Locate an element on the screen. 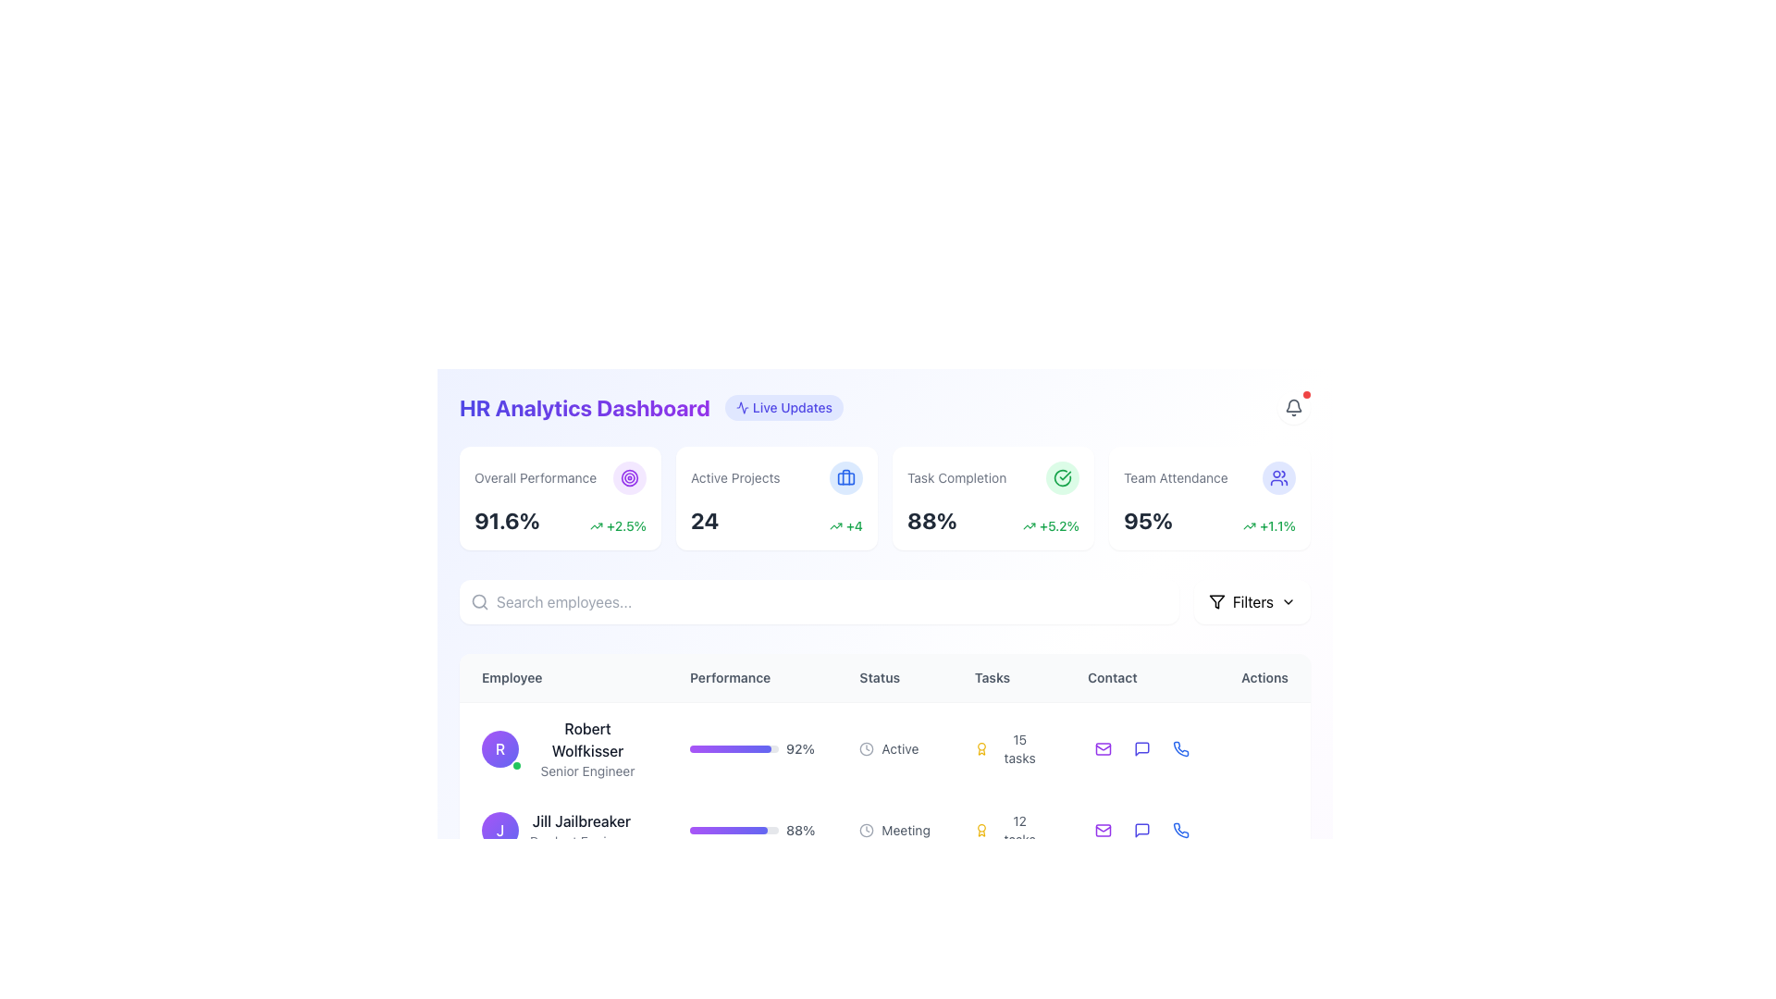  the Static Text displaying the name of the user or employee, which is positioned above the text 'Senior Engineer' and to the right of the circular icon with the initial 'R' is located at coordinates (586, 738).